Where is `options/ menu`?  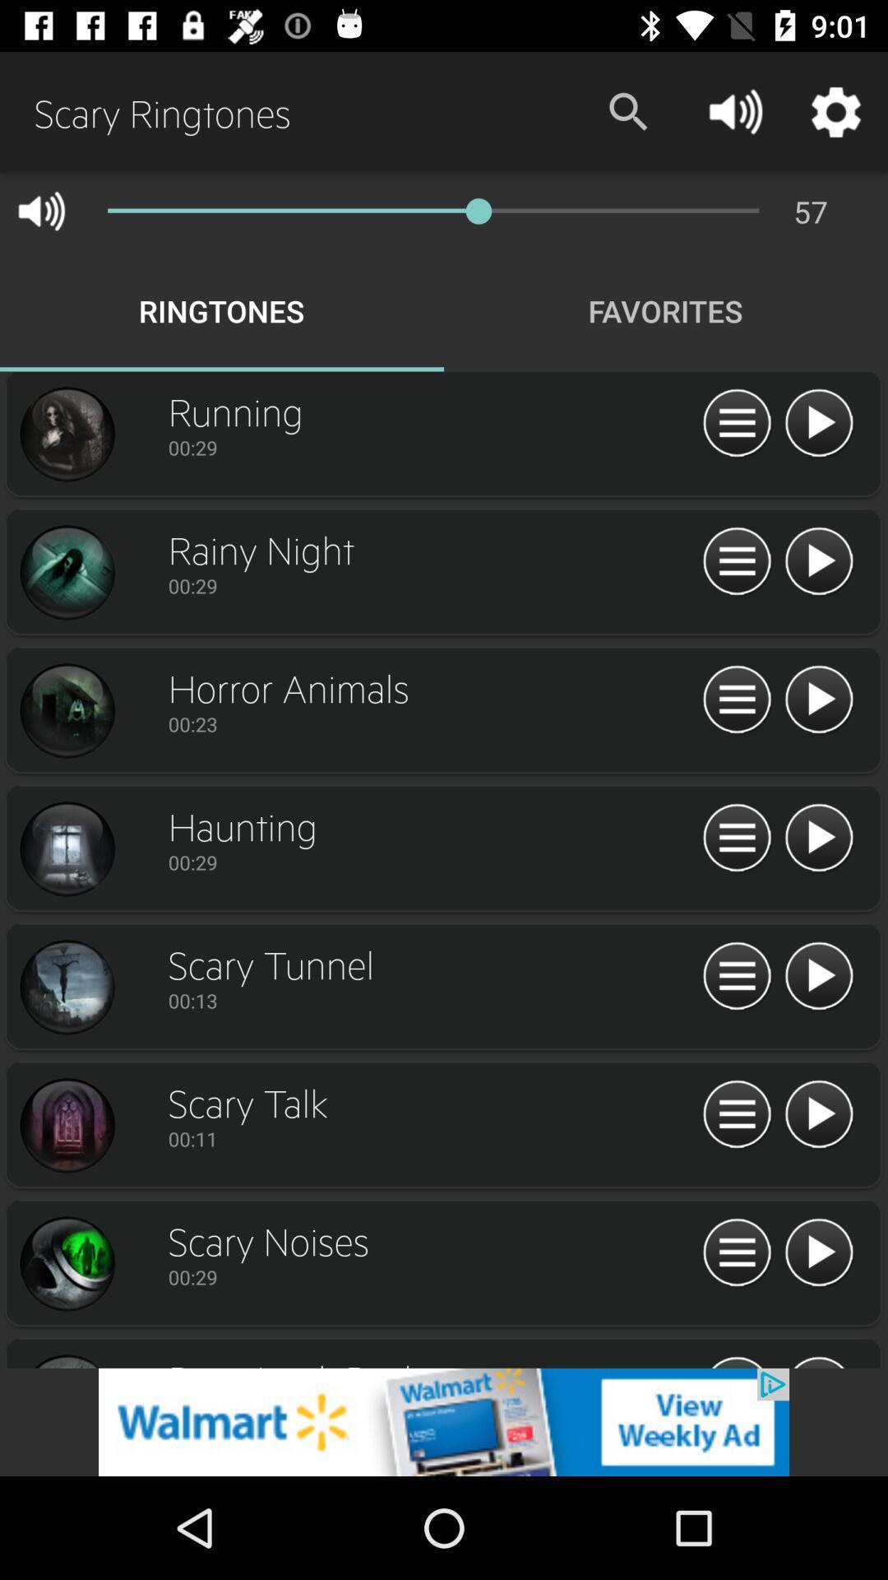 options/ menu is located at coordinates (736, 977).